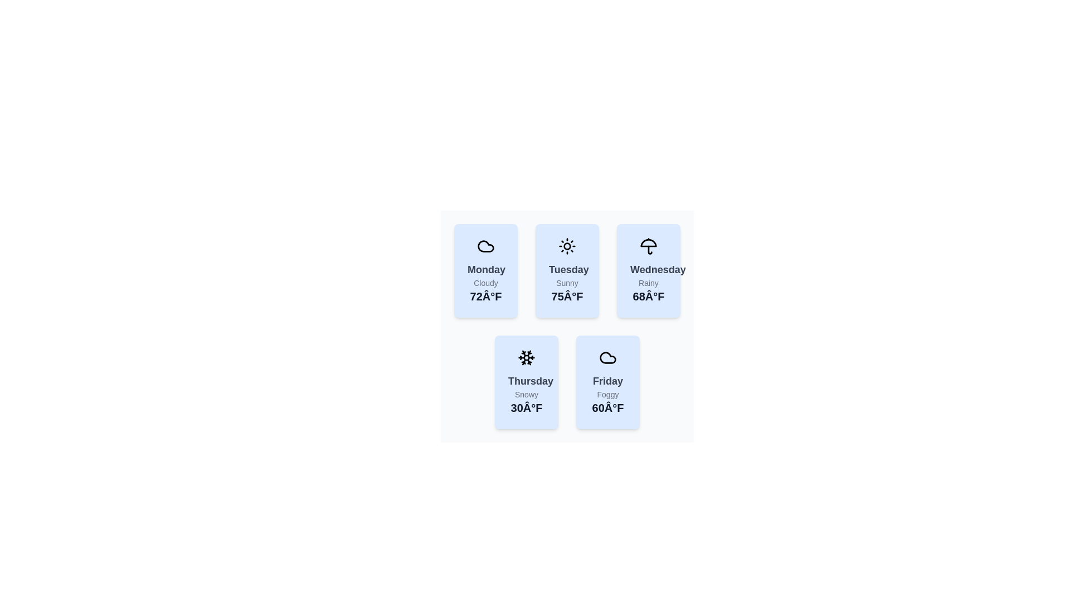 The width and height of the screenshot is (1070, 602). What do you see at coordinates (567, 246) in the screenshot?
I see `the sun icon, which is a simplified line-art styled icon with a circular center and radial lines, located in the Tuesday card of a 5-card grid layout for additional weather information` at bounding box center [567, 246].